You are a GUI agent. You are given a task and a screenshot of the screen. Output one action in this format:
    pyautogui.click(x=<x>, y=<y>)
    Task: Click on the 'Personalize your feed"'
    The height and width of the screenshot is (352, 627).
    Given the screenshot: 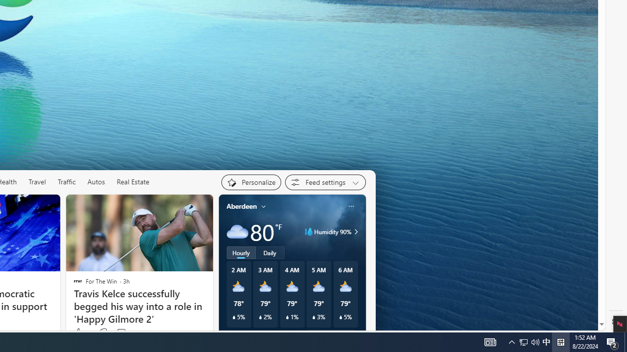 What is the action you would take?
    pyautogui.click(x=251, y=182)
    